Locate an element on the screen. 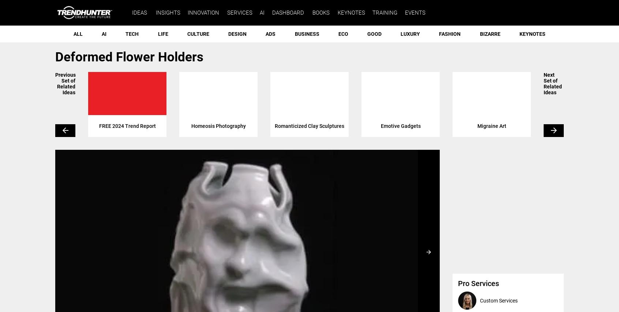 Image resolution: width=619 pixels, height=312 pixels. 'Deformed Flower Holders' is located at coordinates (129, 57).